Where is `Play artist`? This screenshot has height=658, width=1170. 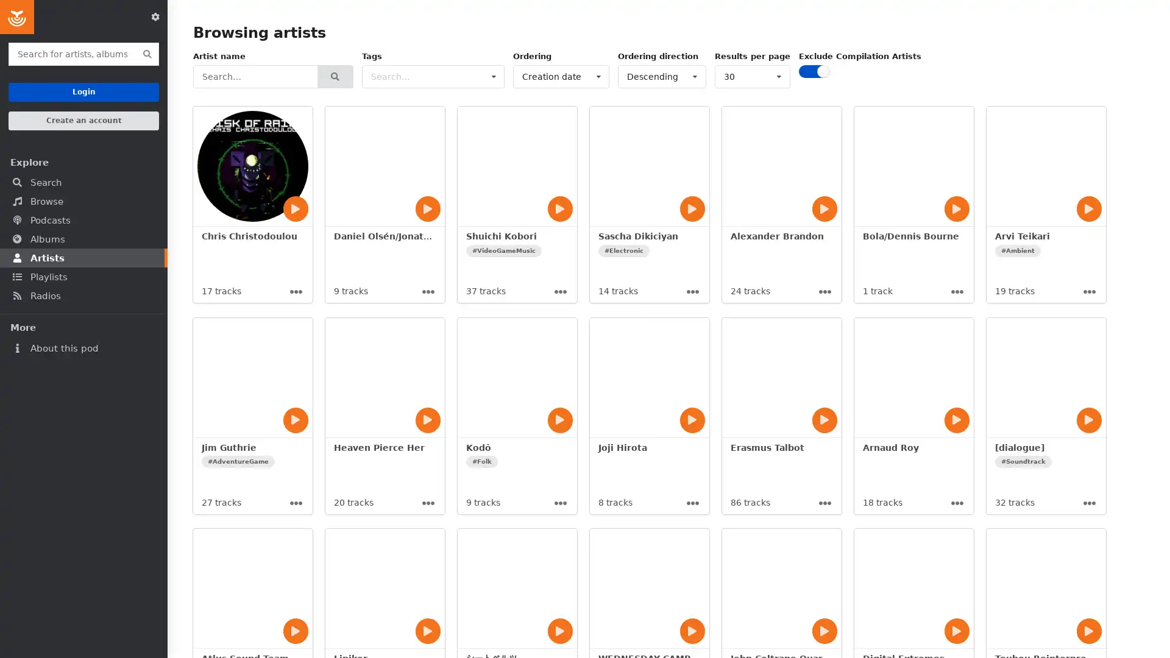
Play artist is located at coordinates (295, 631).